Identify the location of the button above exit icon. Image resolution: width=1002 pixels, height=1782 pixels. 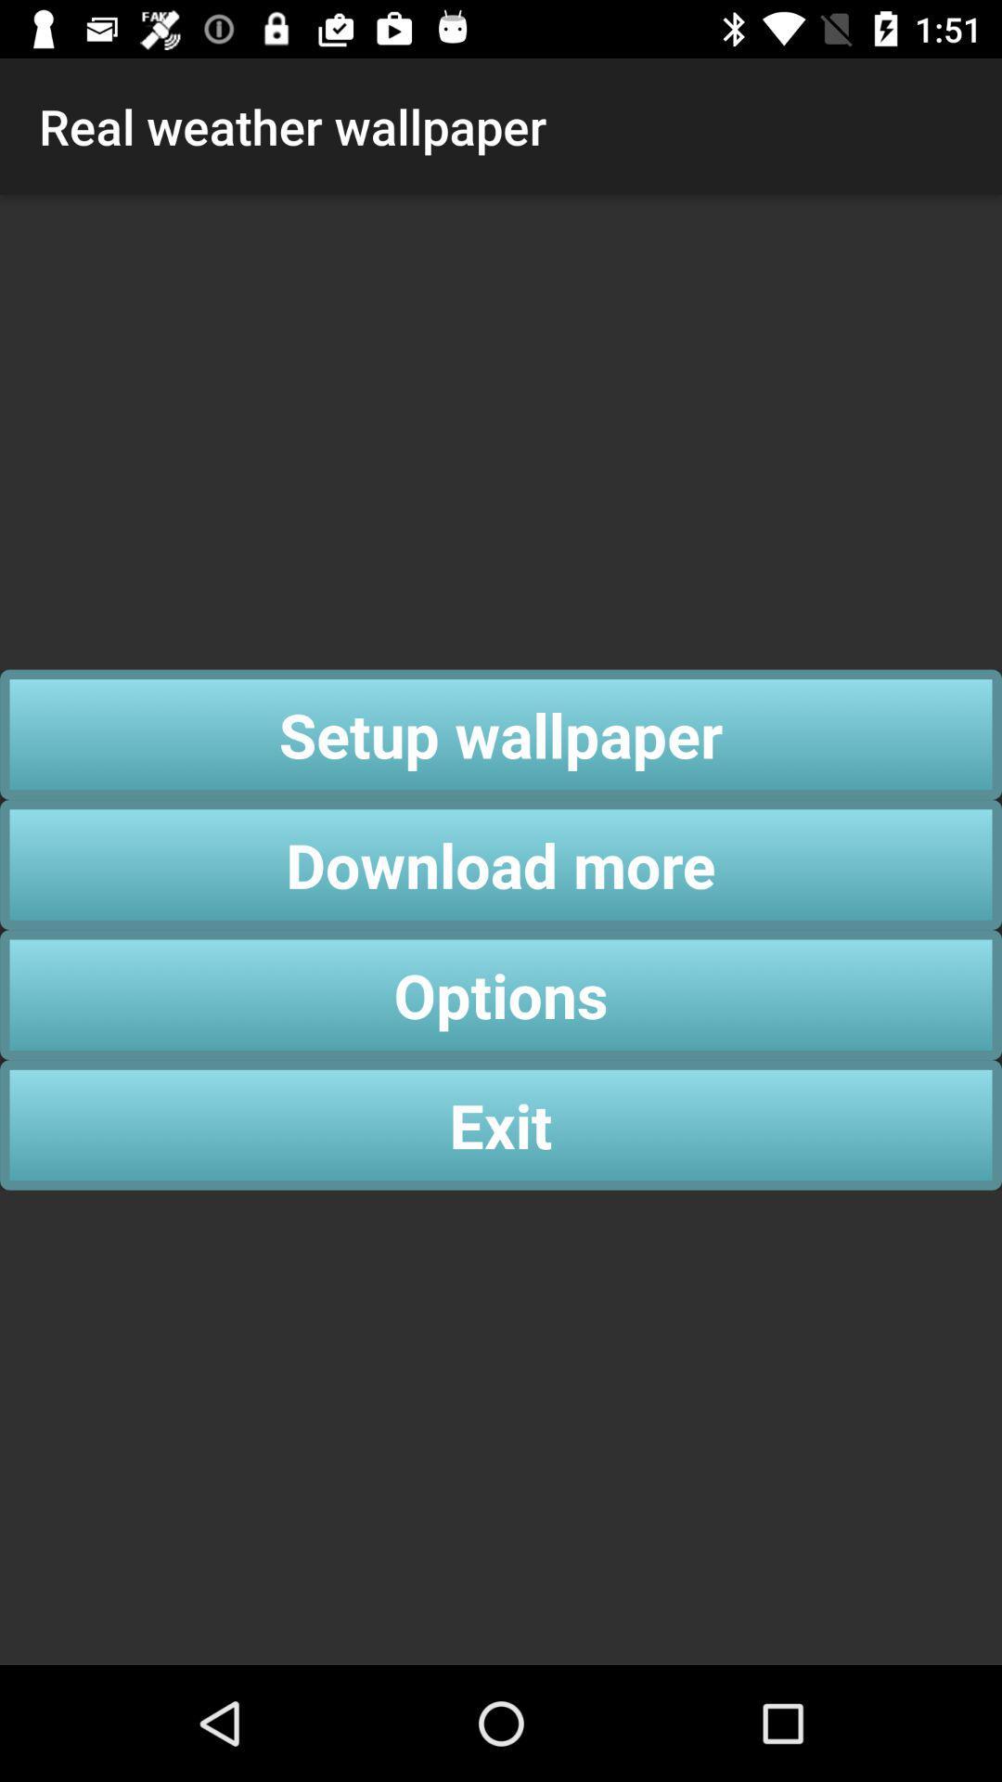
(501, 994).